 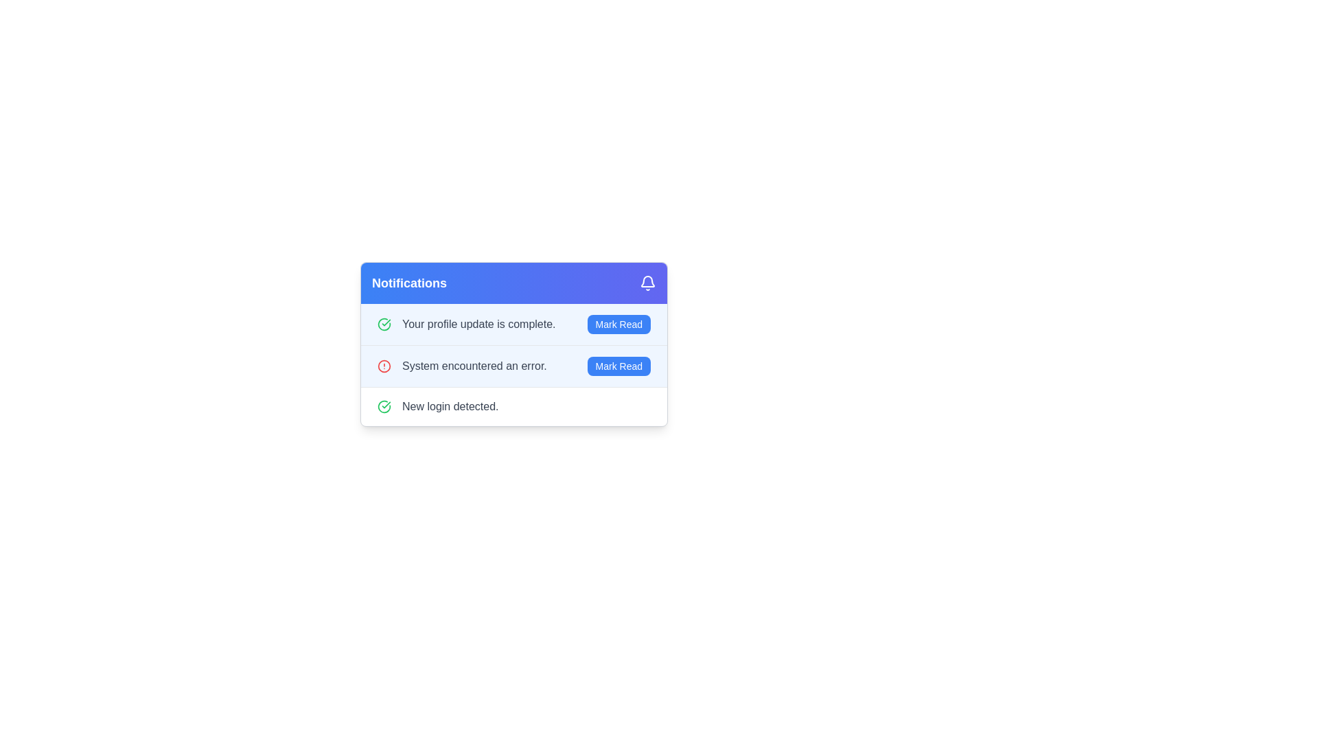 I want to click on the bell-shaped icon located on the right side of the notification panel's title bar, which is above the 'Notifications' label, so click(x=647, y=281).